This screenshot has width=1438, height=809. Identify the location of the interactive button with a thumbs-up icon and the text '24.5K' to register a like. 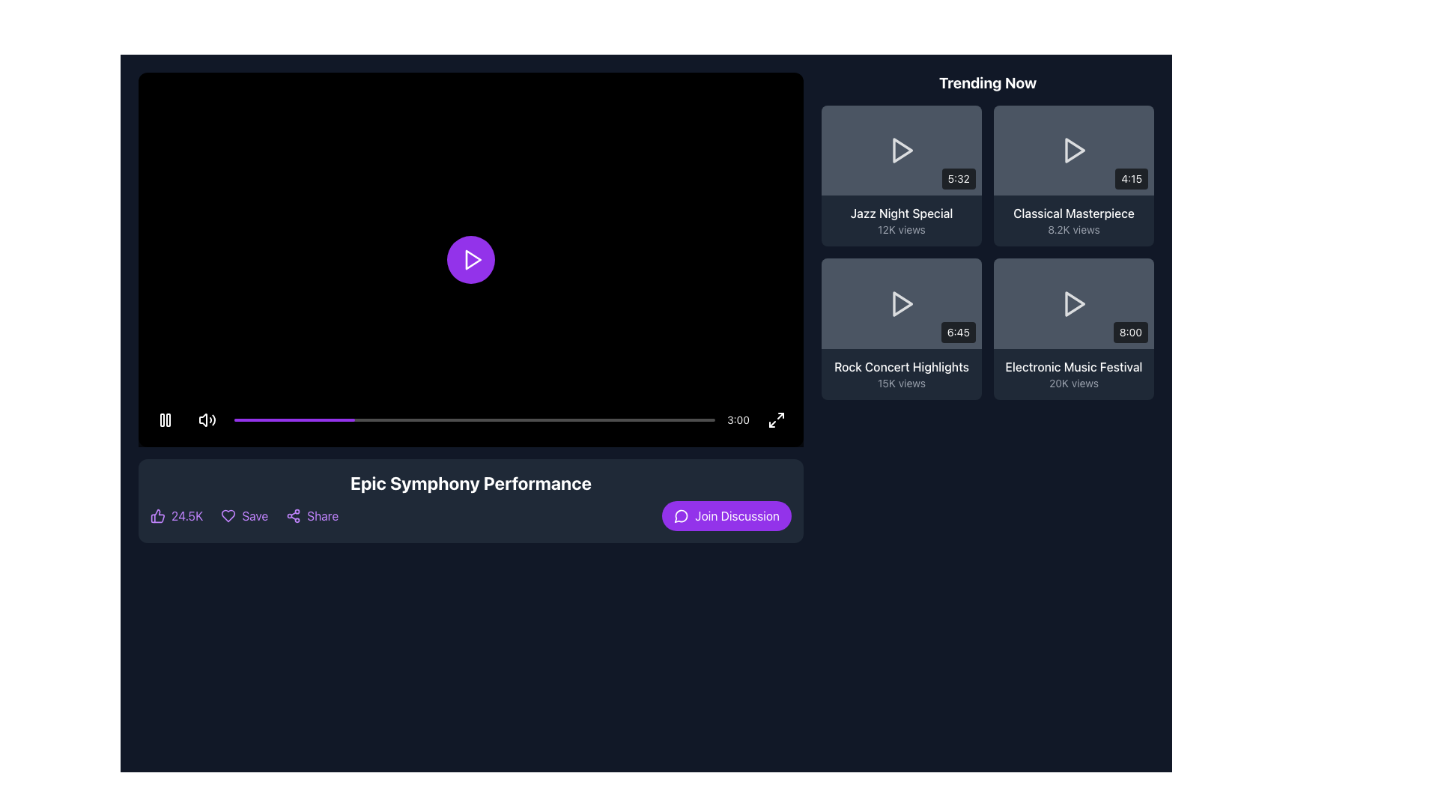
(177, 515).